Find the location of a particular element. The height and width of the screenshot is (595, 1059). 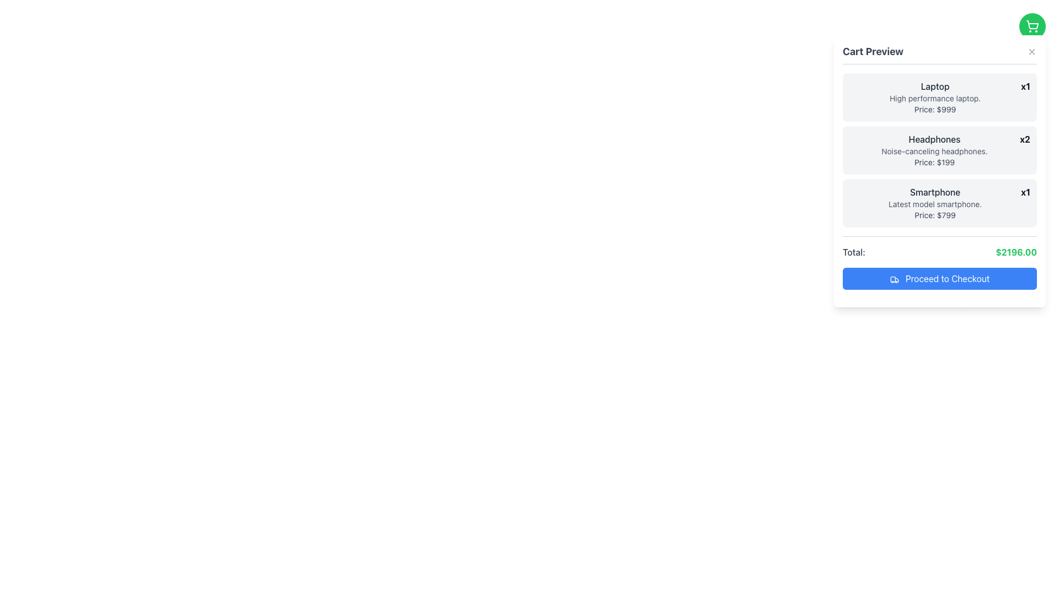

the static text label that states 'Noise-canceling headphones', which is located in the middle segment of a vertical listing, below the title 'Headphones' and above the price line 'Price: $199' is located at coordinates (934, 151).